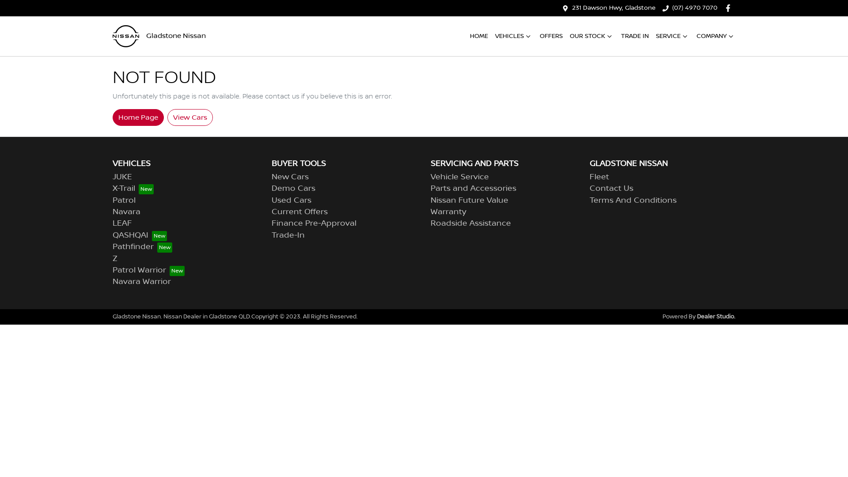  What do you see at coordinates (430, 201) in the screenshot?
I see `'Nissan Future Value'` at bounding box center [430, 201].